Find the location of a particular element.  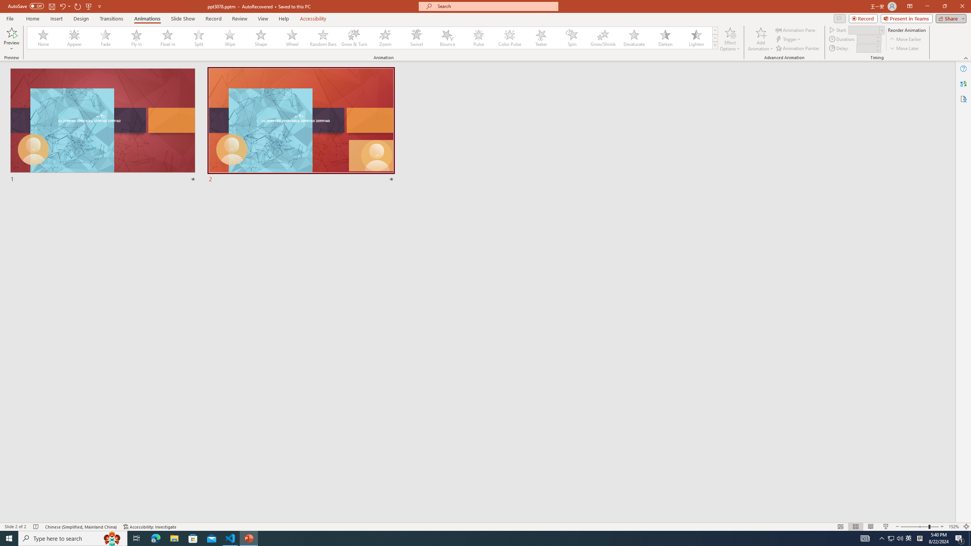

'Fade' is located at coordinates (105, 38).